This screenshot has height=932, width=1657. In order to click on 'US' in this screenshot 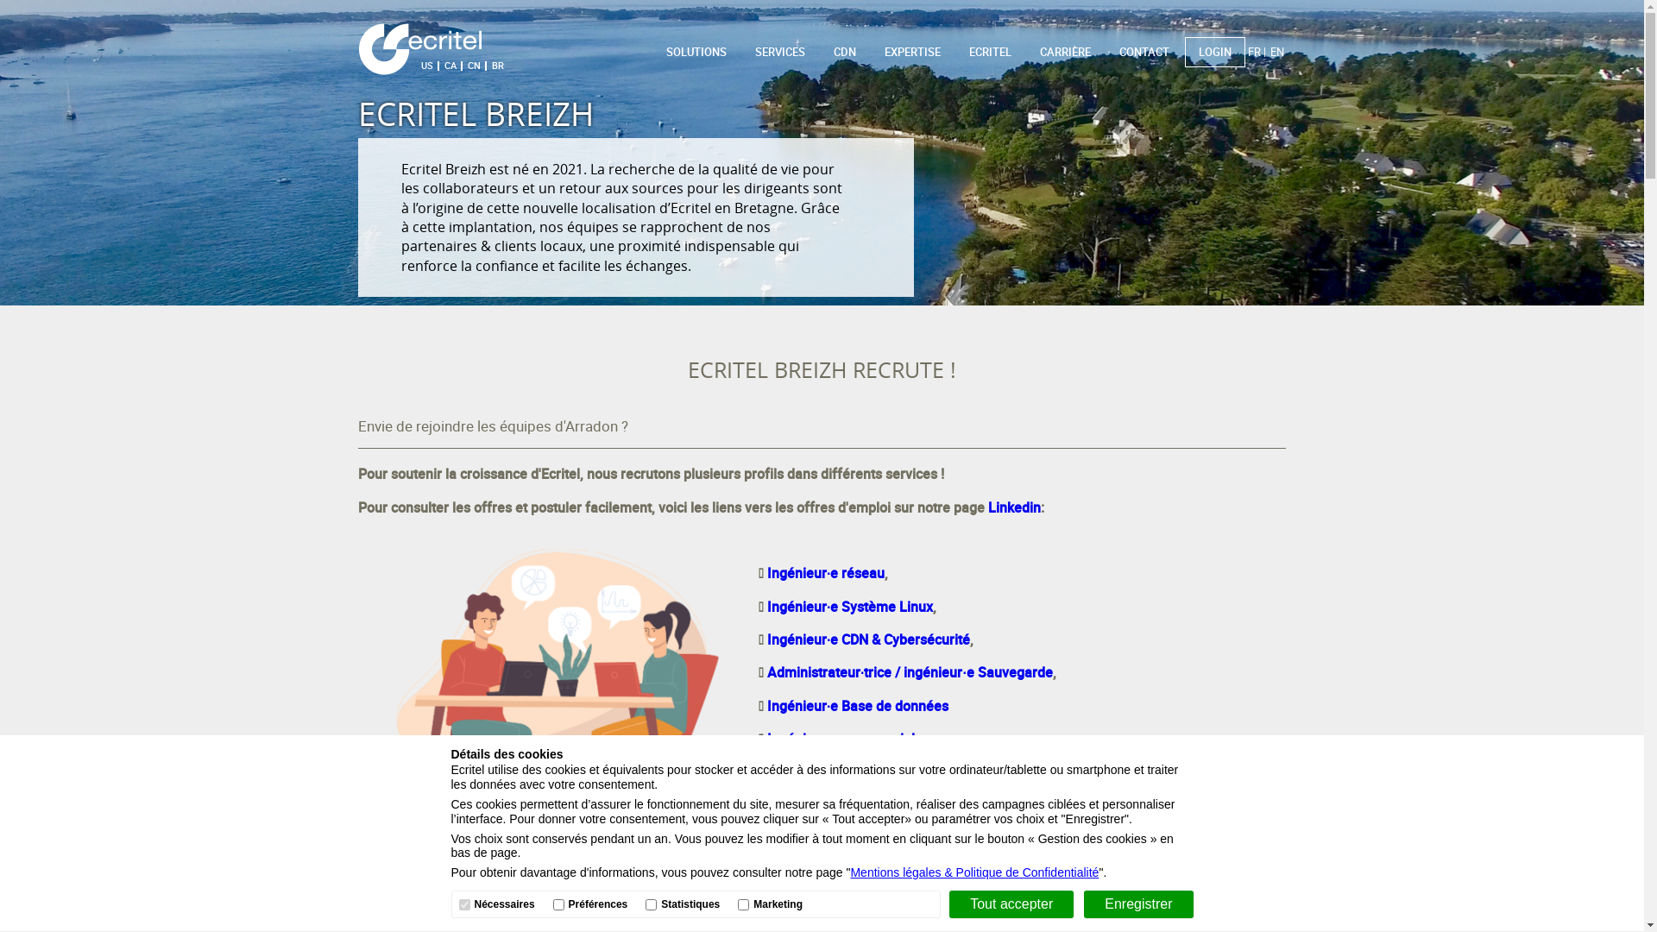, I will do `click(426, 65)`.